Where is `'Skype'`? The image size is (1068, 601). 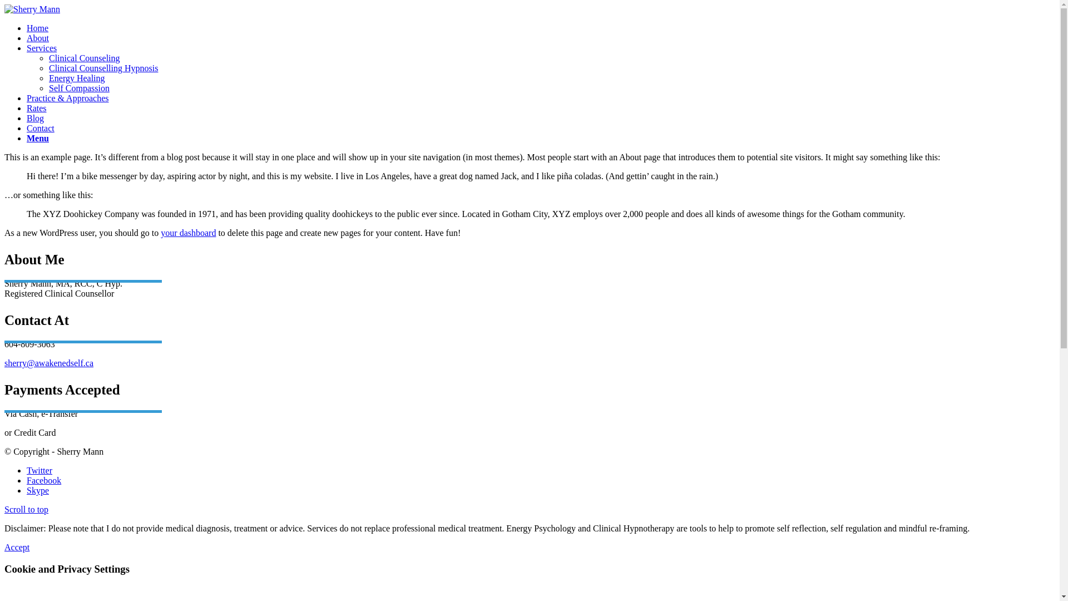 'Skype' is located at coordinates (37, 490).